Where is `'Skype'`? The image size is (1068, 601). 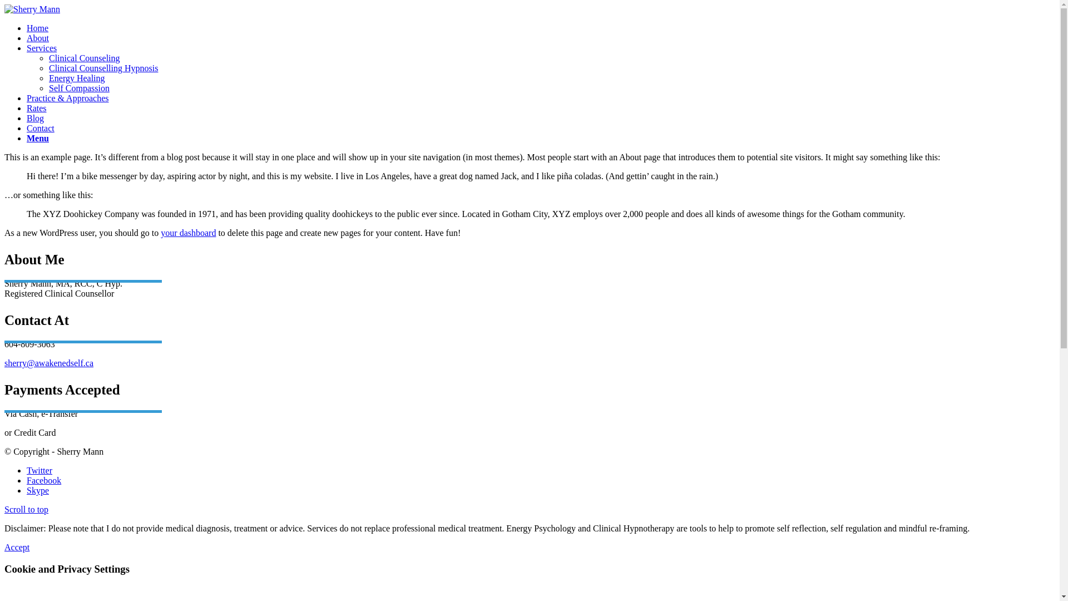 'Skype' is located at coordinates (37, 490).